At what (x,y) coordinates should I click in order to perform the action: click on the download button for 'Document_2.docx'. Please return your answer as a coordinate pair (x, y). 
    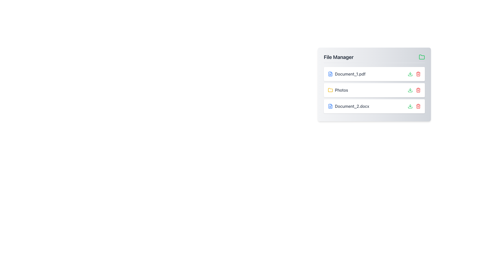
    Looking at the image, I should click on (410, 106).